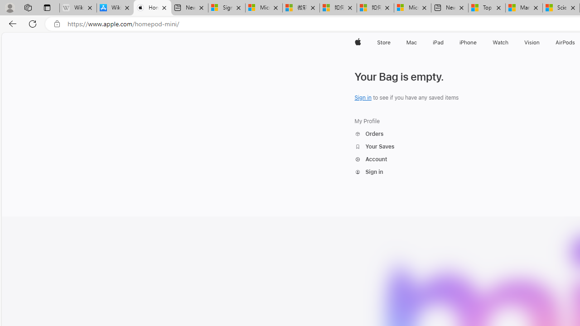  Describe the element at coordinates (357, 42) in the screenshot. I see `'Apple'` at that location.